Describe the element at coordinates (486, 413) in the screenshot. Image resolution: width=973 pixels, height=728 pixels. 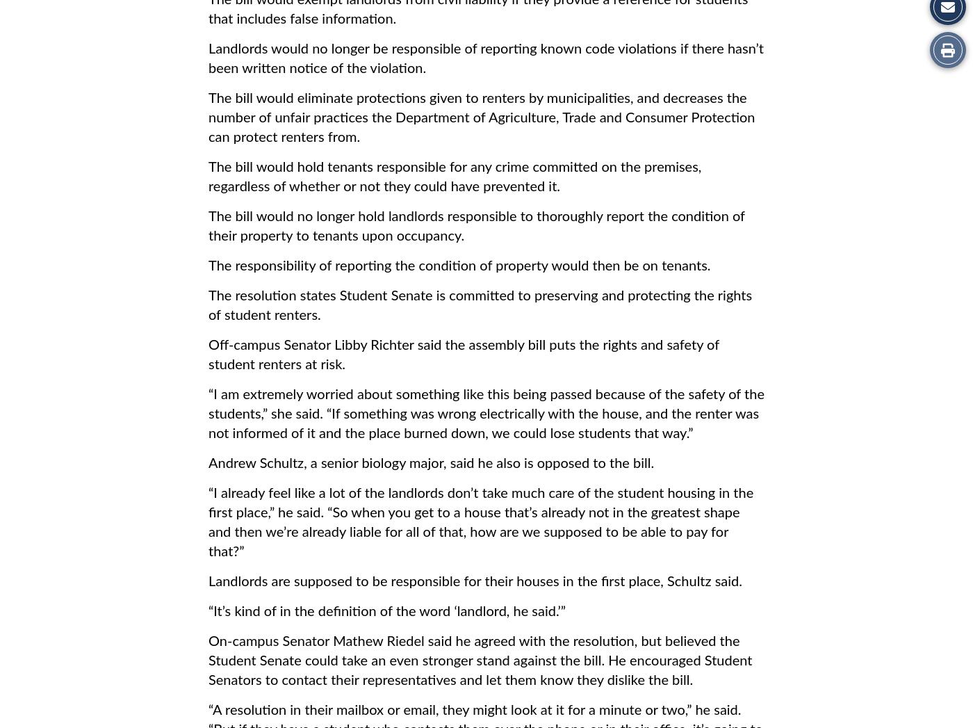
I see `'“I am extremely worried about something like this being passed because of the safety of the students,” she said. “If something was wrong electrically with the house, and the renter was not informed of it and the place burned down, we could lose students that way.”'` at that location.